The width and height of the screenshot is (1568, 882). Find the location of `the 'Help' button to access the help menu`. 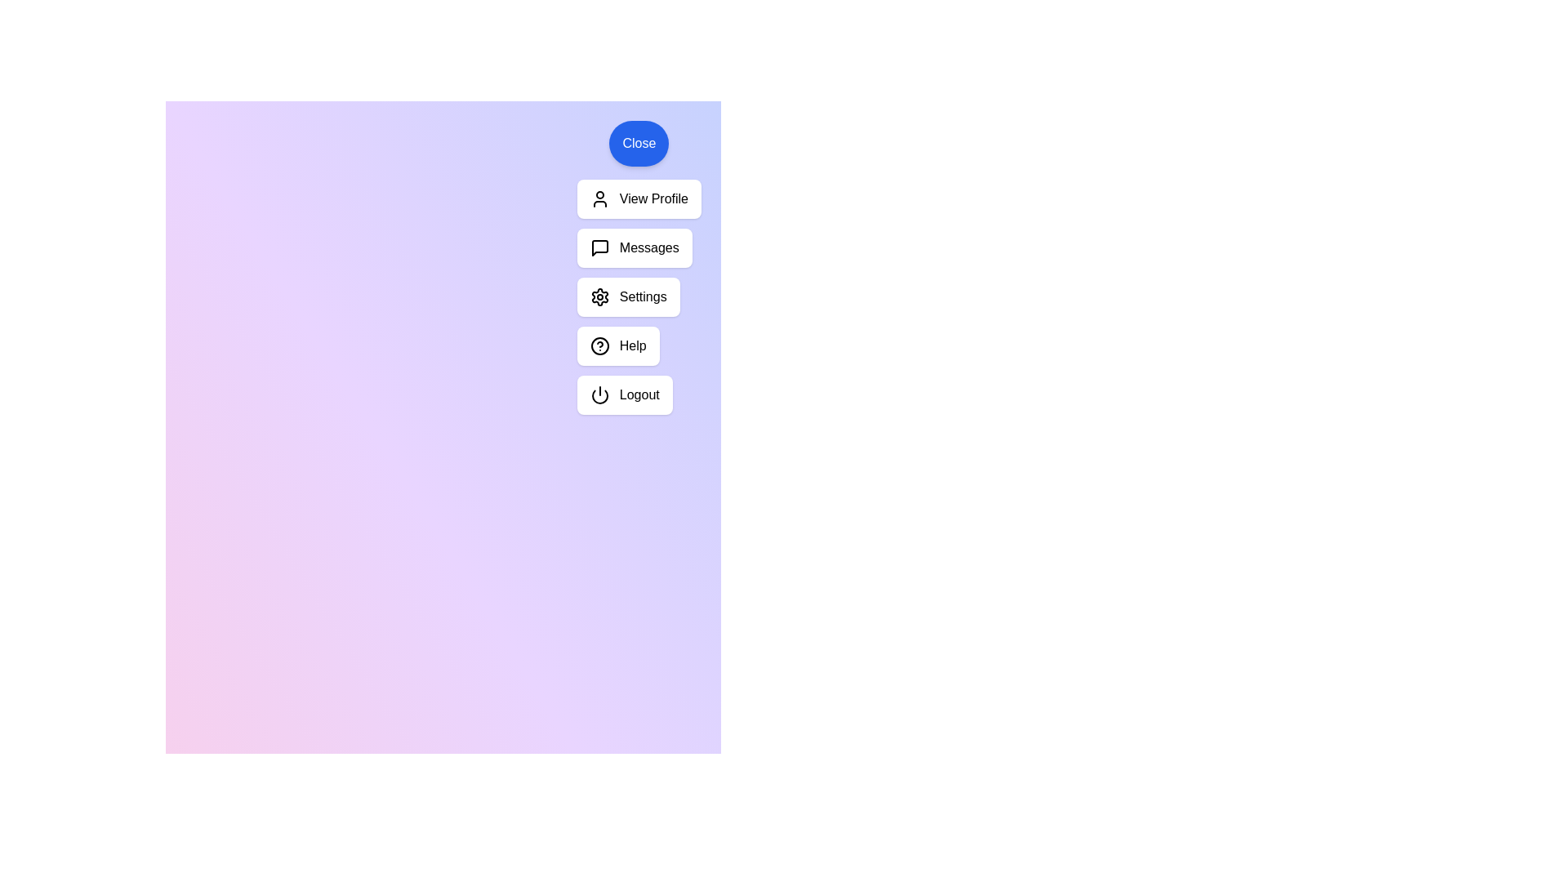

the 'Help' button to access the help menu is located at coordinates (617, 345).